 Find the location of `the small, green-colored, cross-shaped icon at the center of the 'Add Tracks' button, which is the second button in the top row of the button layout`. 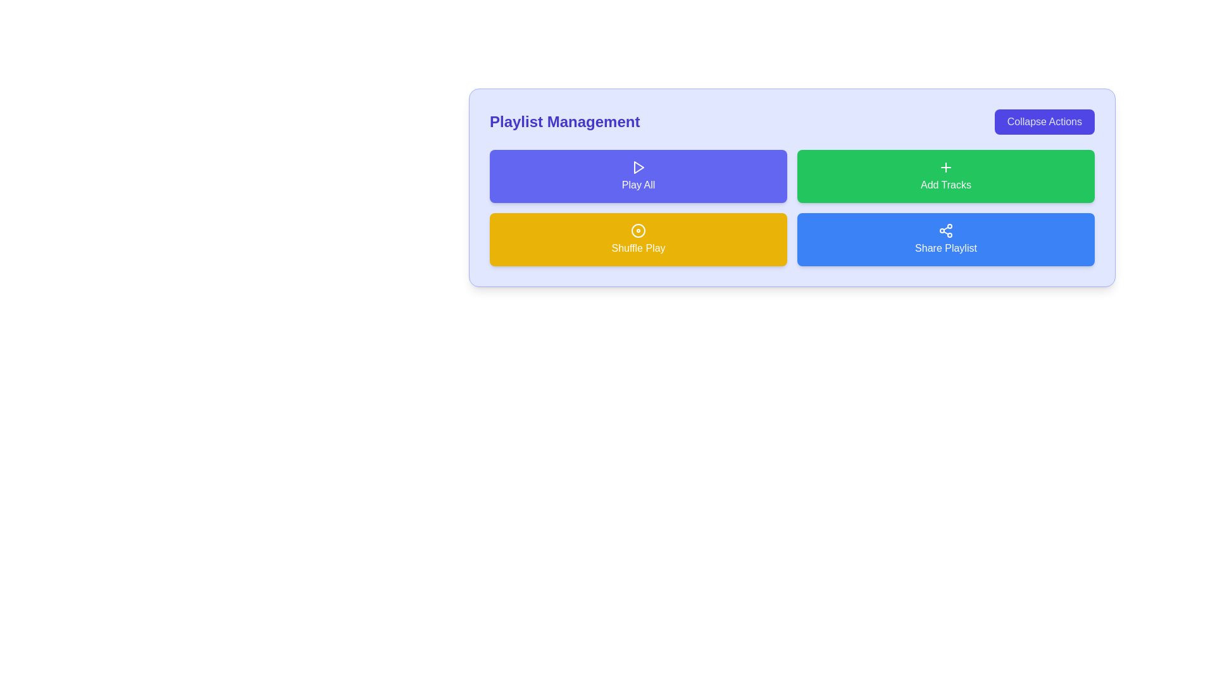

the small, green-colored, cross-shaped icon at the center of the 'Add Tracks' button, which is the second button in the top row of the button layout is located at coordinates (945, 167).